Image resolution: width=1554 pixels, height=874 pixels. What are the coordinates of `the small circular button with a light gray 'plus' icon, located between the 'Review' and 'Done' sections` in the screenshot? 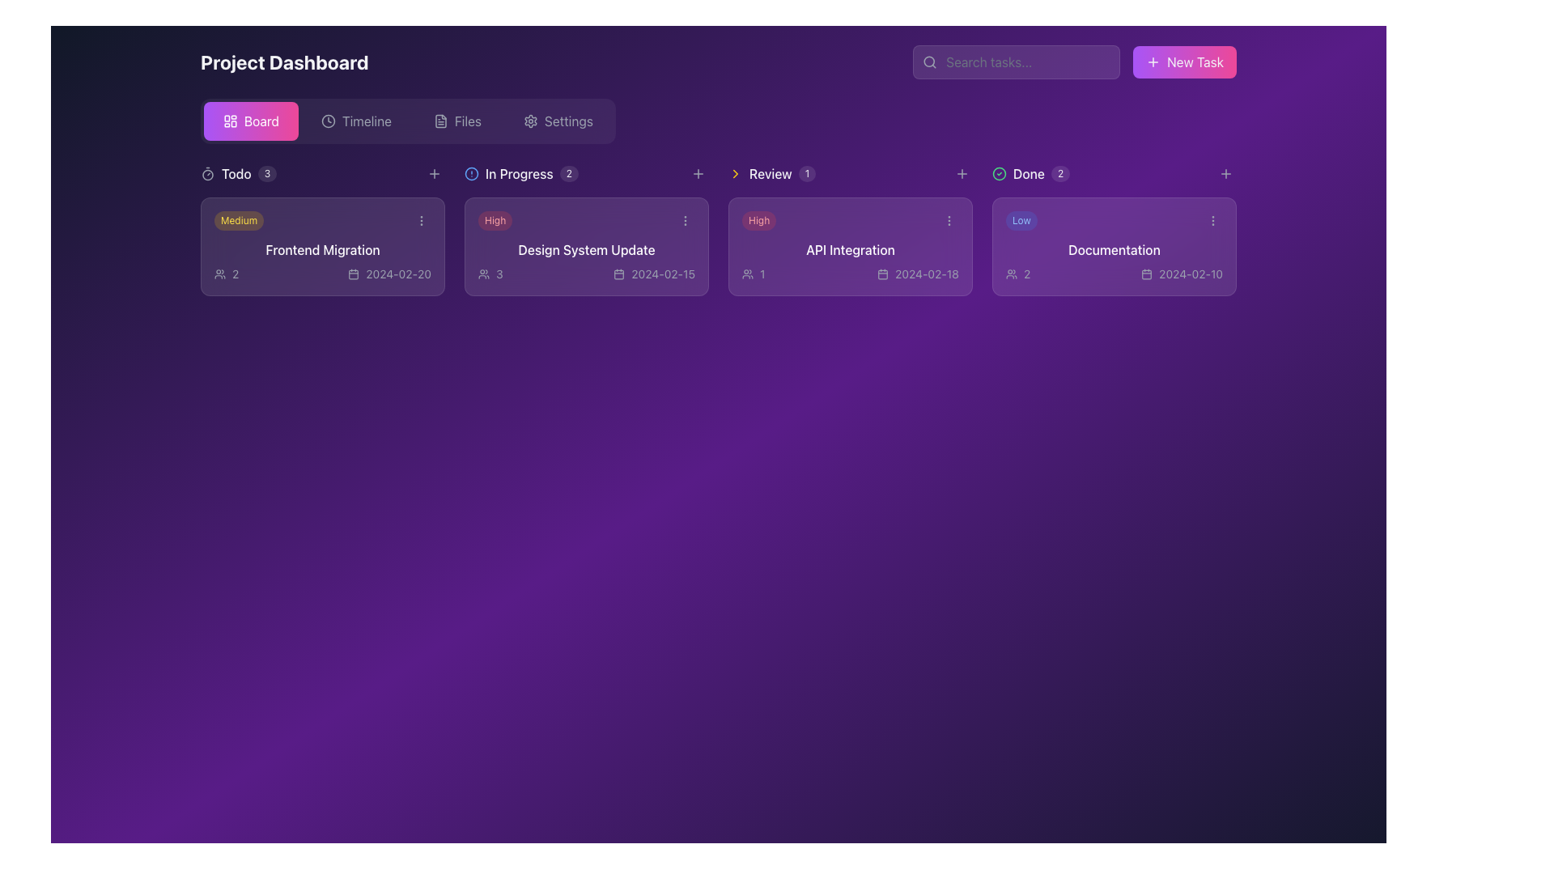 It's located at (962, 174).